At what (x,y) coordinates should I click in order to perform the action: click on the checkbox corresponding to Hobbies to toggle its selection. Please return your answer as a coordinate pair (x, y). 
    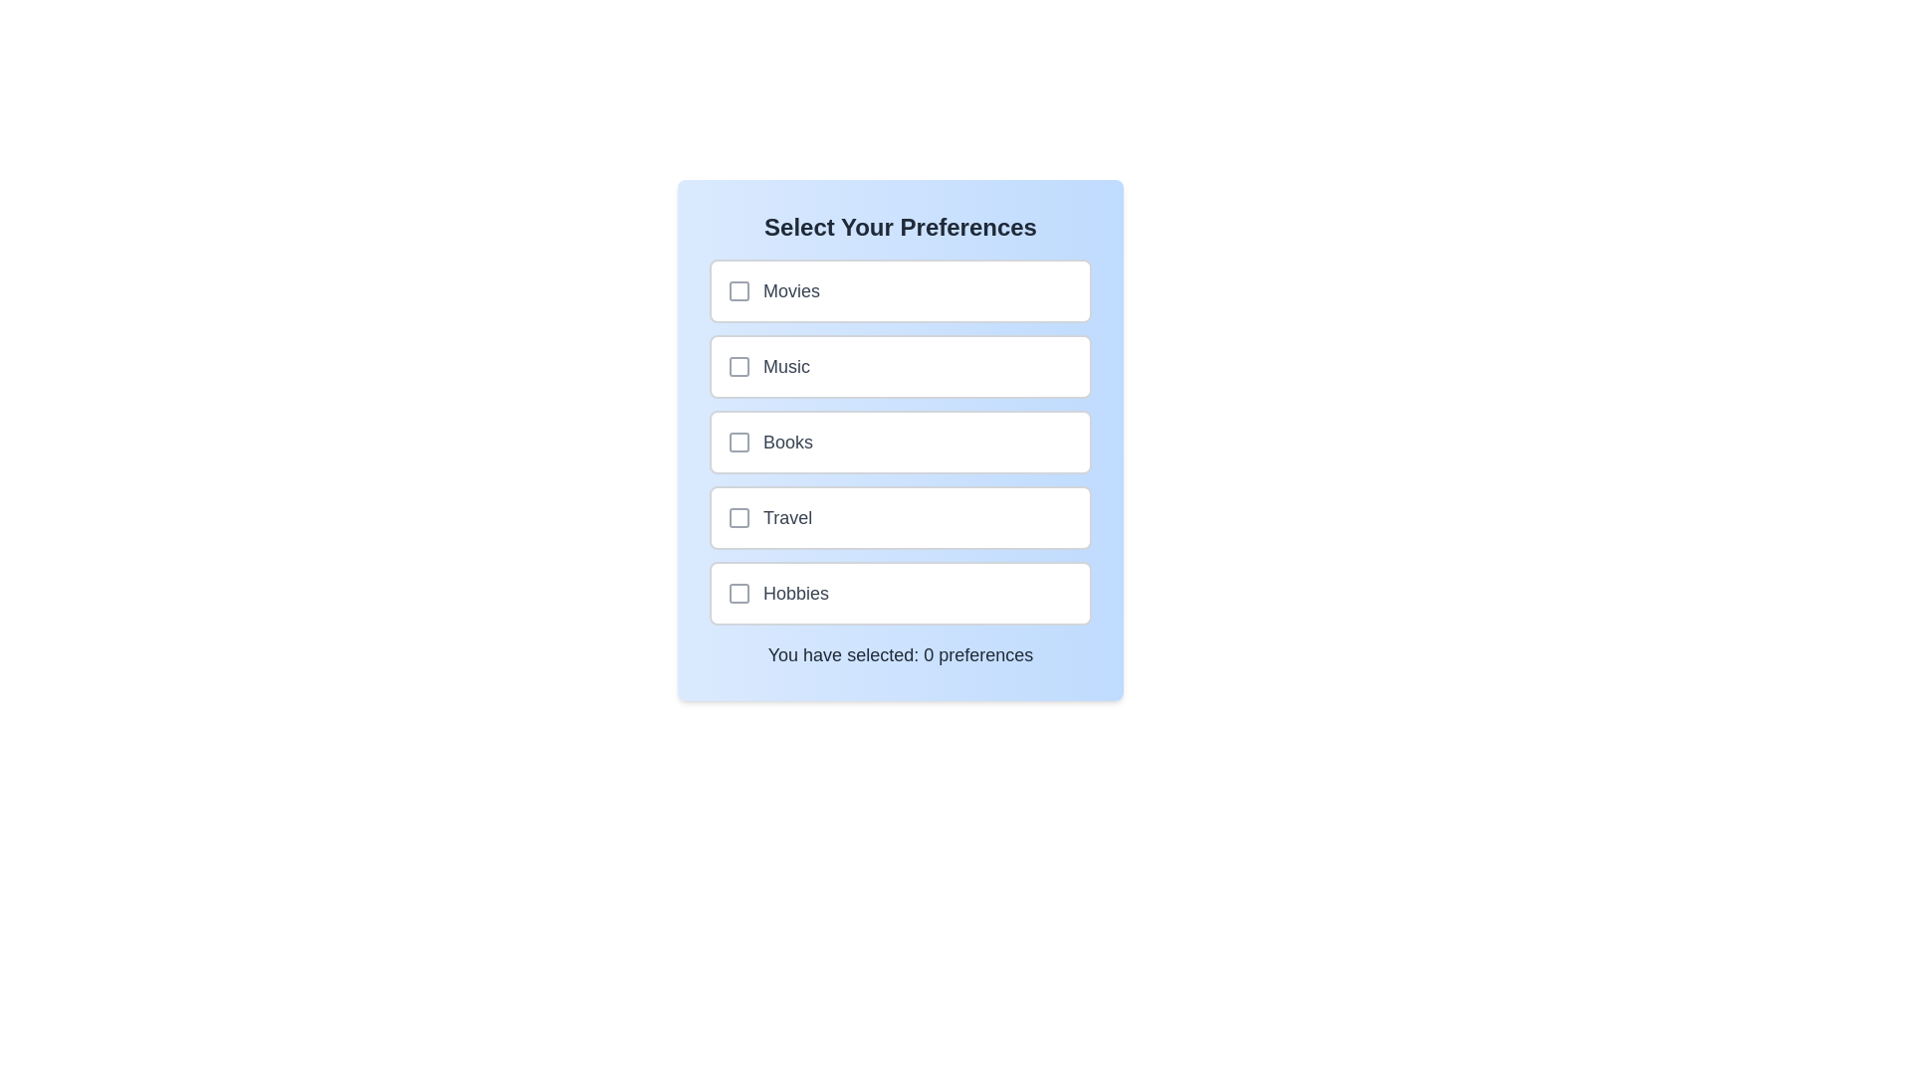
    Looking at the image, I should click on (739, 593).